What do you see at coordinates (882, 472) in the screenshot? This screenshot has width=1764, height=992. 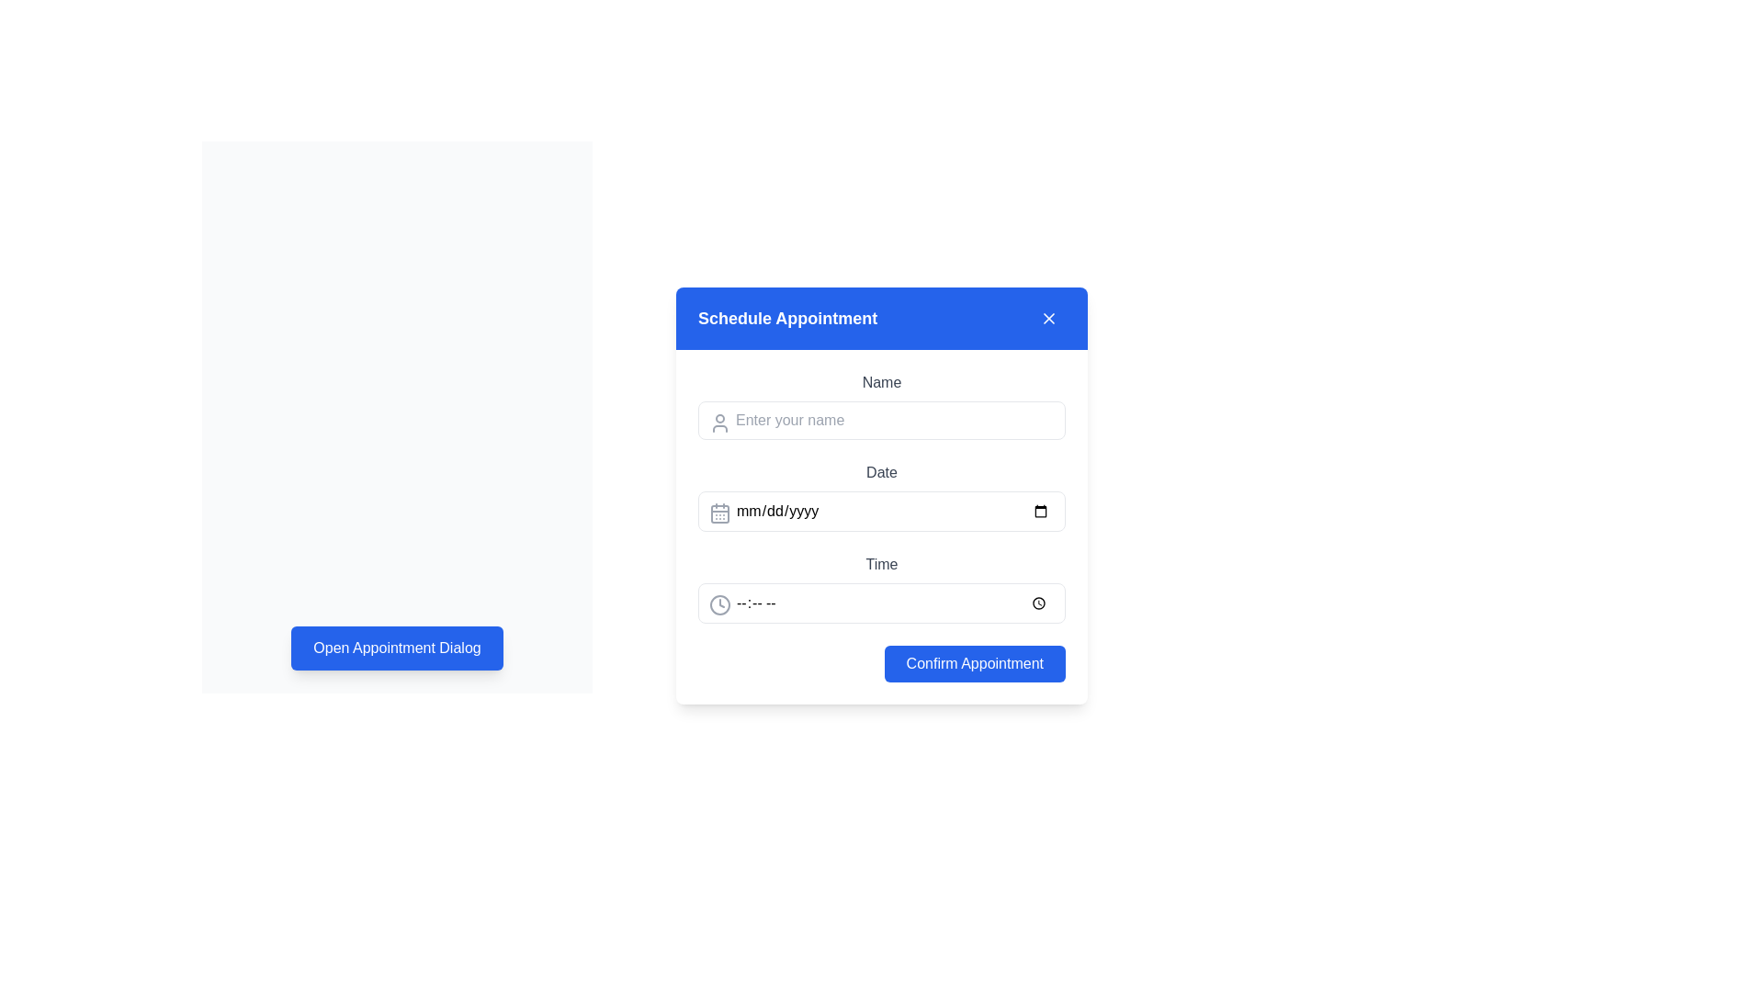 I see `'Date' label, which is a medium-weight gray text label (#707070) located above the date input field in the 'Schedule Appointment' modal dialog` at bounding box center [882, 472].